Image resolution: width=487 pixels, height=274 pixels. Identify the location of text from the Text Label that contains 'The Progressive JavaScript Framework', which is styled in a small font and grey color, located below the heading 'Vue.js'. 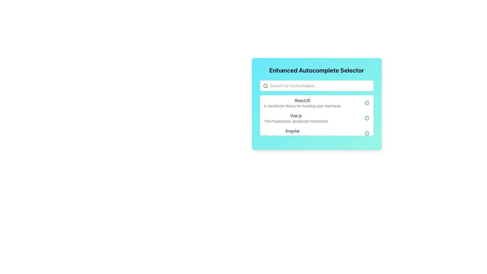
(296, 121).